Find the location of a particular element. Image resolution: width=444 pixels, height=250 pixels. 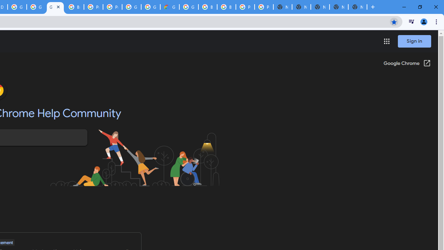

'Google Cloud Estimate Summary' is located at coordinates (170, 7).